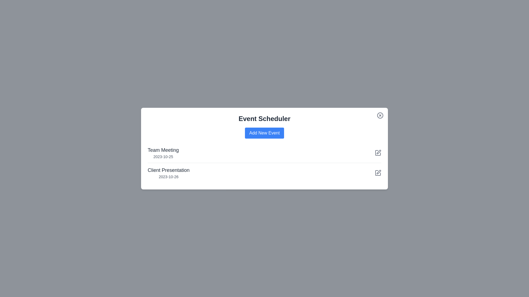 The width and height of the screenshot is (529, 297). What do you see at coordinates (378, 153) in the screenshot?
I see `the Icon button located in the upper-right corner of the 'Team Meeting 2023-10-25' section to initiate editing` at bounding box center [378, 153].